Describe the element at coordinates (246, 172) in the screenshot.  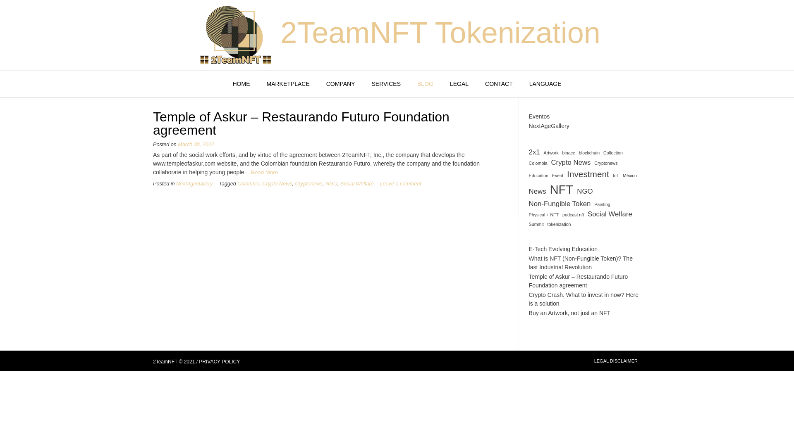
I see `'...Read More'` at that location.